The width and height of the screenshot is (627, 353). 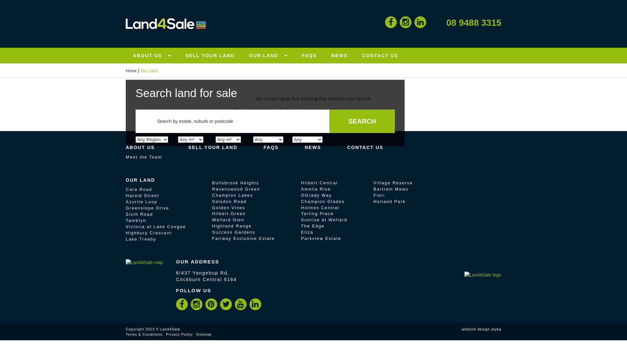 I want to click on 'Champion Lakes', so click(x=212, y=195).